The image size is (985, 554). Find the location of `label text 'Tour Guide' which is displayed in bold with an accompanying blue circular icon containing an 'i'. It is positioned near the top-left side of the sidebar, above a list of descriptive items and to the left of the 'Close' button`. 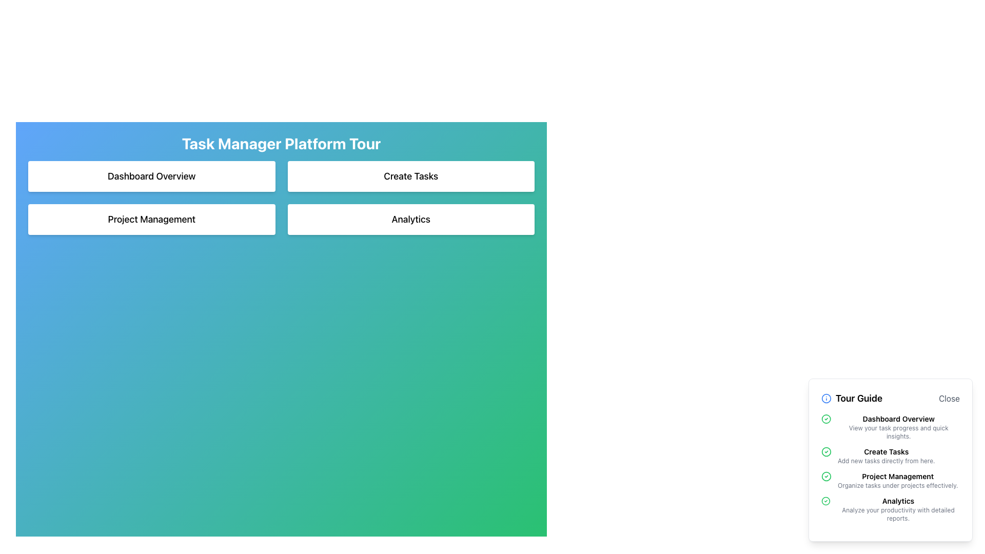

label text 'Tour Guide' which is displayed in bold with an accompanying blue circular icon containing an 'i'. It is positioned near the top-left side of the sidebar, above a list of descriptive items and to the left of the 'Close' button is located at coordinates (852, 398).